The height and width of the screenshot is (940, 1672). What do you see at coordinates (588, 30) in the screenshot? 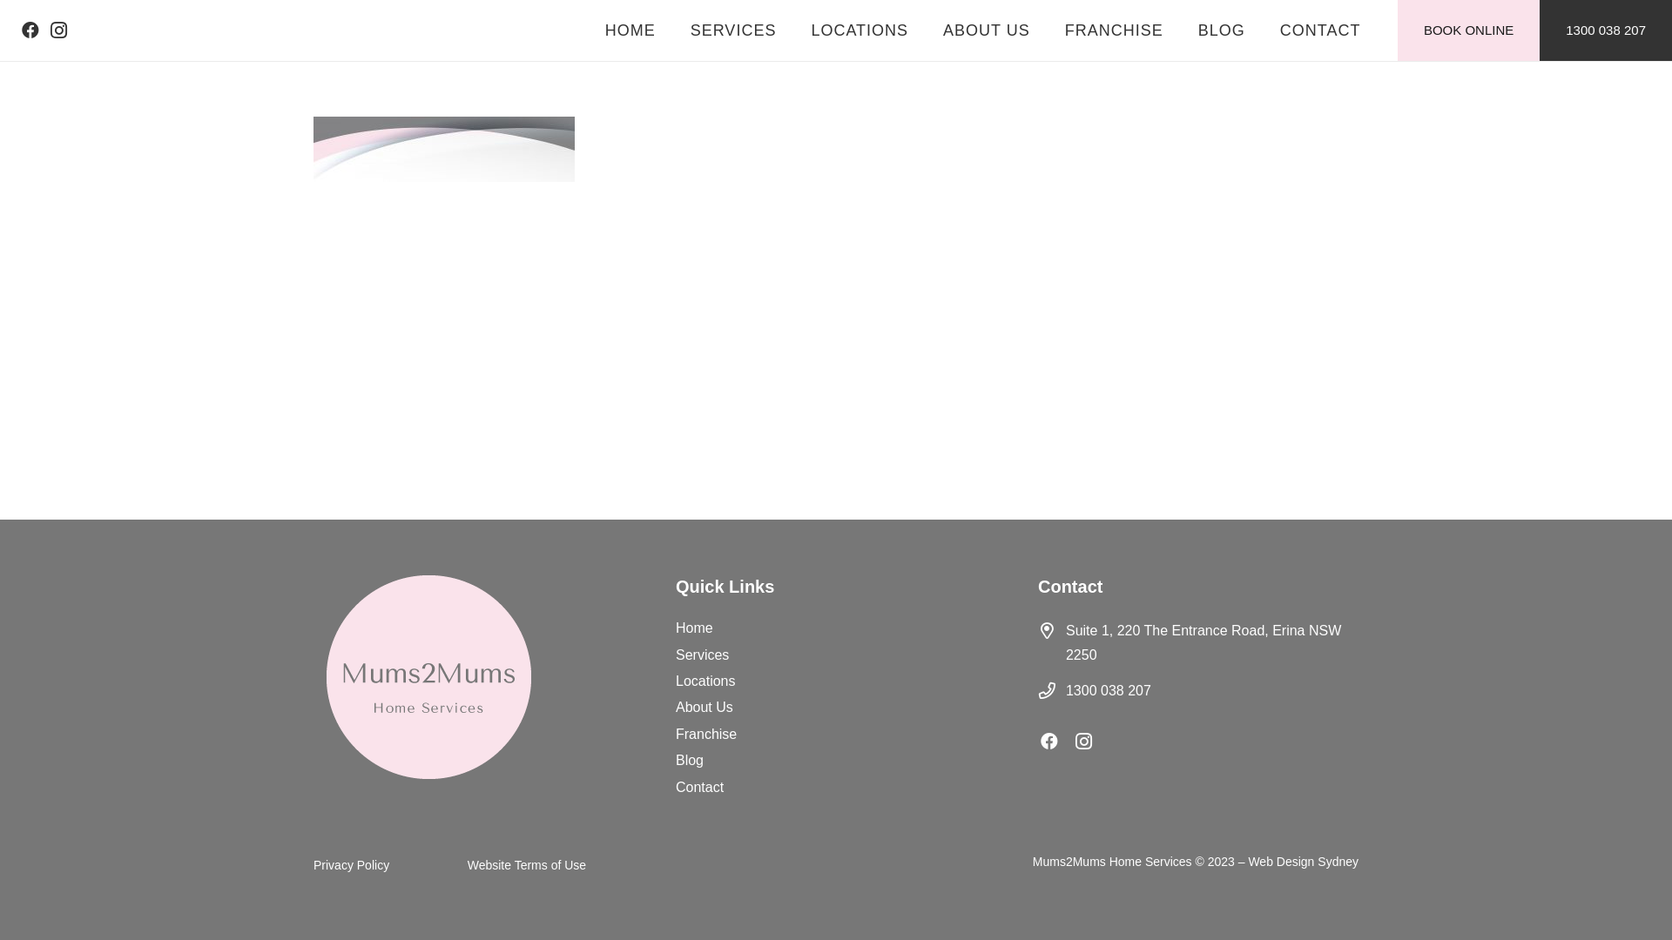
I see `'HOME'` at bounding box center [588, 30].